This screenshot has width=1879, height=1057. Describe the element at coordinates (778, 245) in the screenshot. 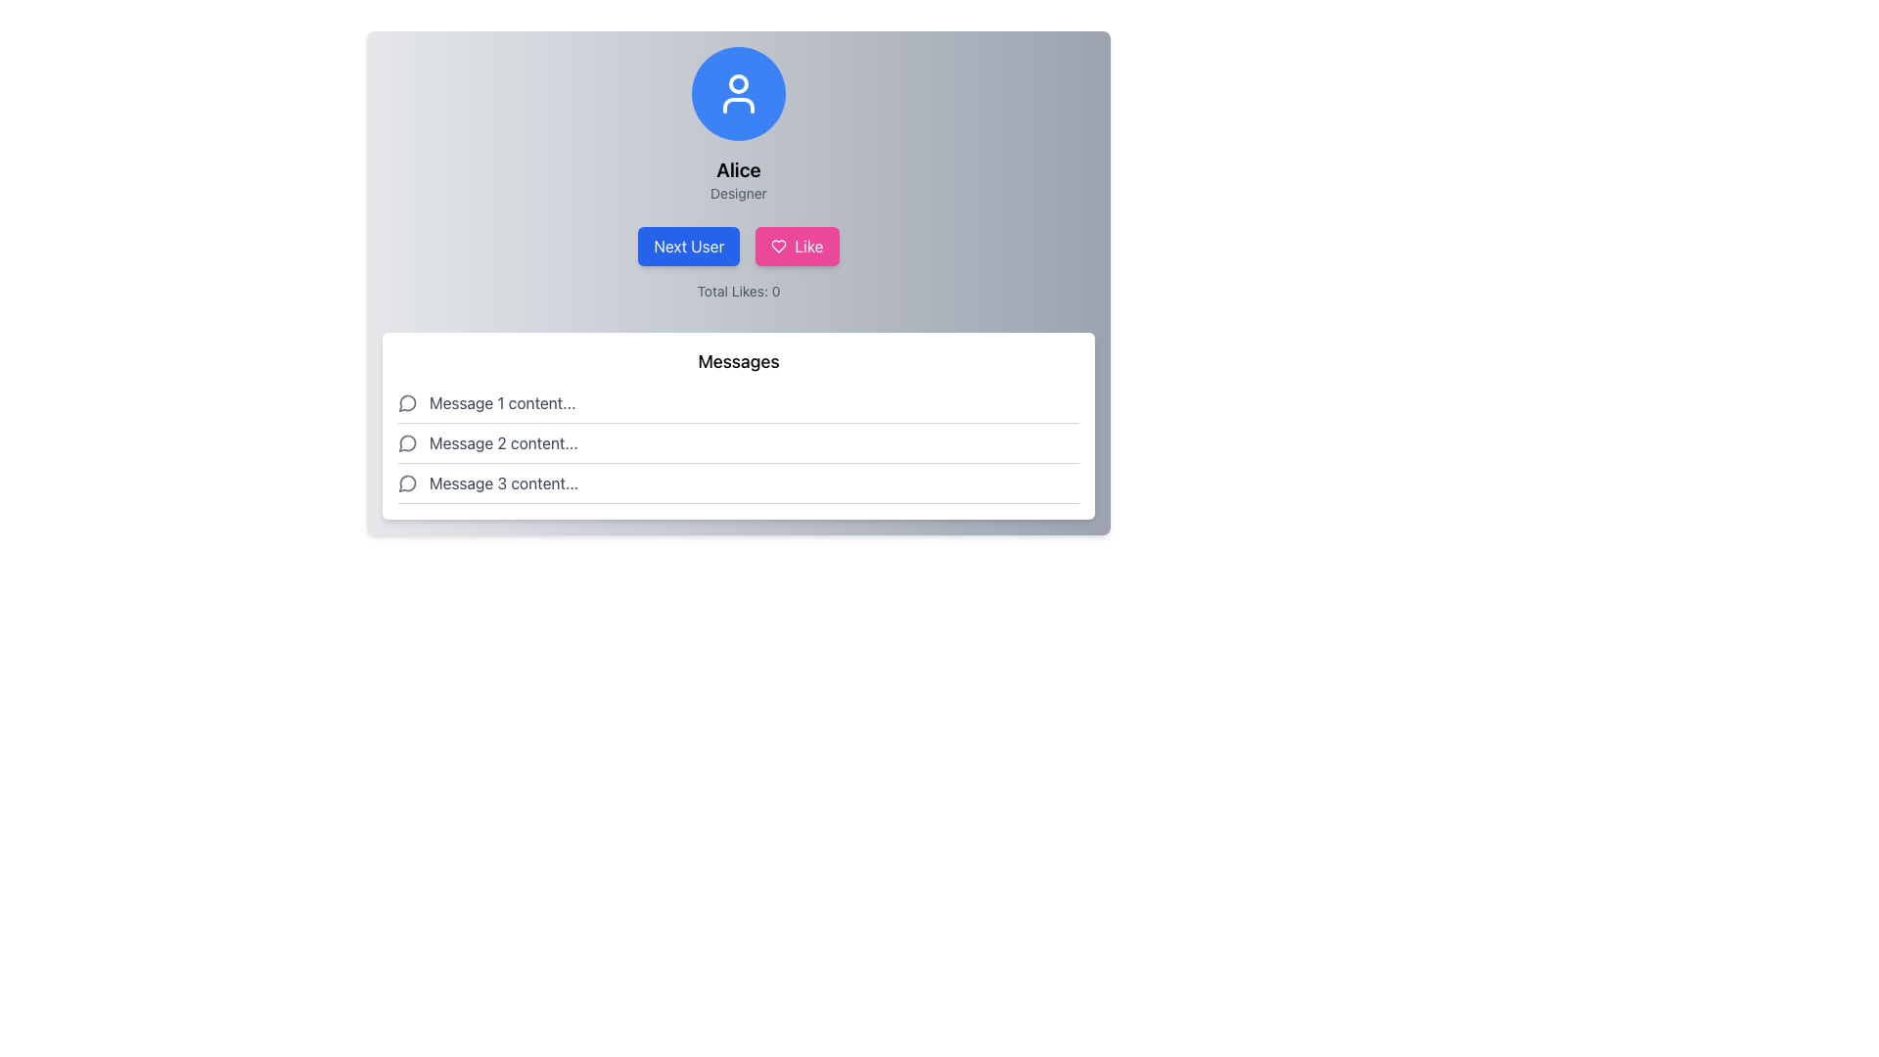

I see `the decorative icon that enhances the 'Like' button, located to the left of the text label 'Like' within the button layout` at that location.